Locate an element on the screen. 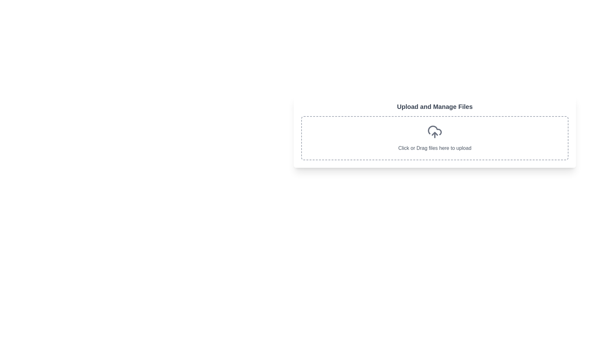 The image size is (605, 340). the file upload input area titled 'Upload and Manage Files' is located at coordinates (435, 131).